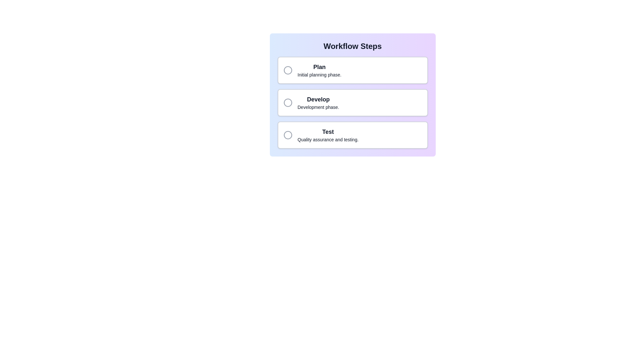 The width and height of the screenshot is (622, 350). Describe the element at coordinates (287, 134) in the screenshot. I see `the decorative icon representing an unselected state located in the third selectable card, near the top-left corner, to the left of the text 'Test'` at that location.